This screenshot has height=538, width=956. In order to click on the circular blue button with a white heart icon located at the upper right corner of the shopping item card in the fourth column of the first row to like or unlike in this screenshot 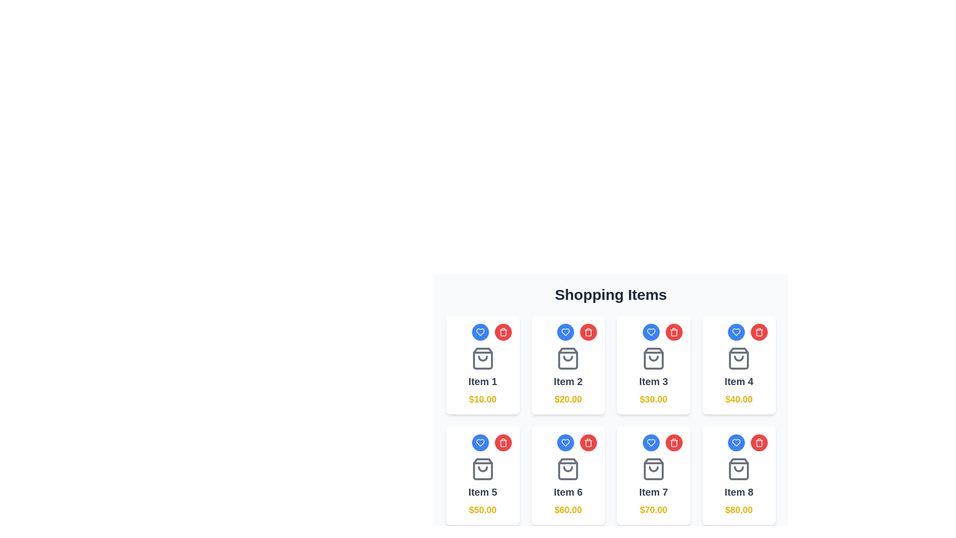, I will do `click(736, 332)`.